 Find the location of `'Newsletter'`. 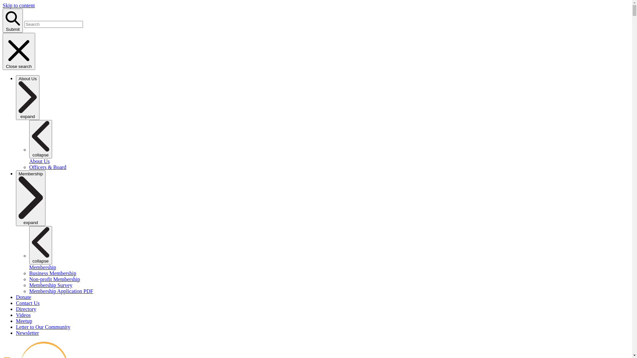

'Newsletter' is located at coordinates (27, 333).